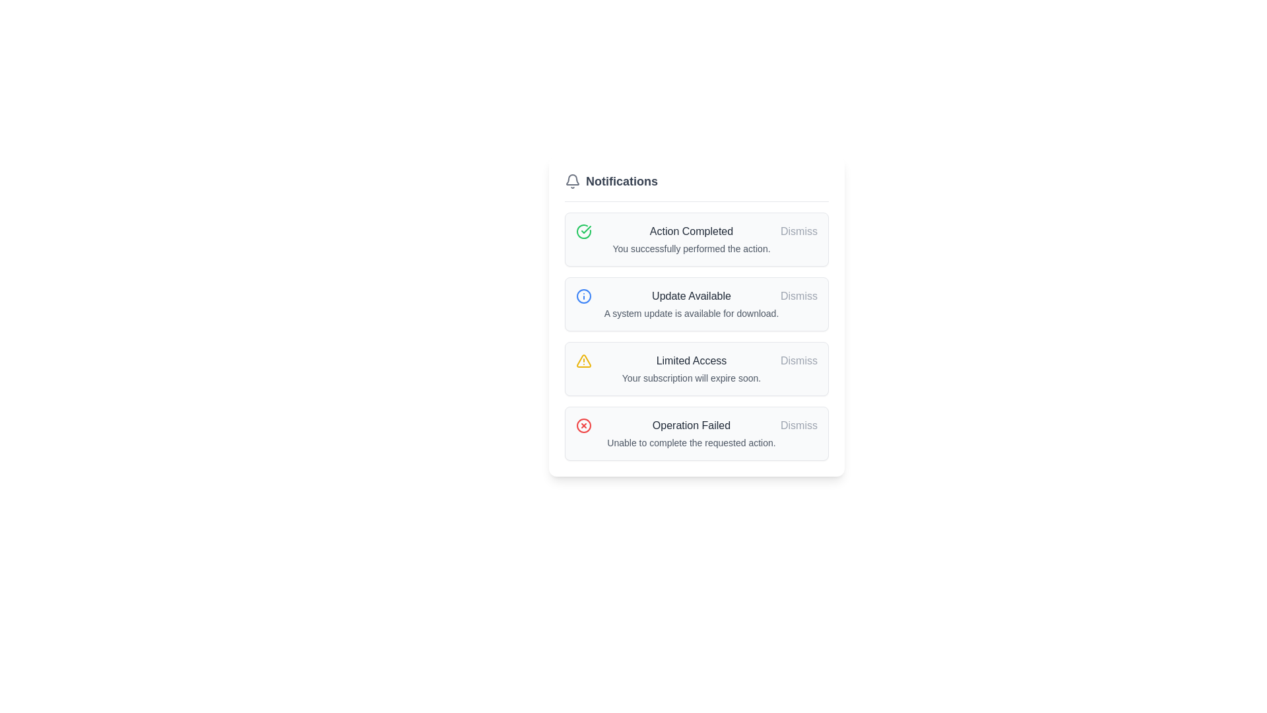  I want to click on the text label that reads 'Update Available.' It is styled with a gray font color and is positioned above the description text in the second notification card beneath the 'Notifications' heading, so click(690, 295).